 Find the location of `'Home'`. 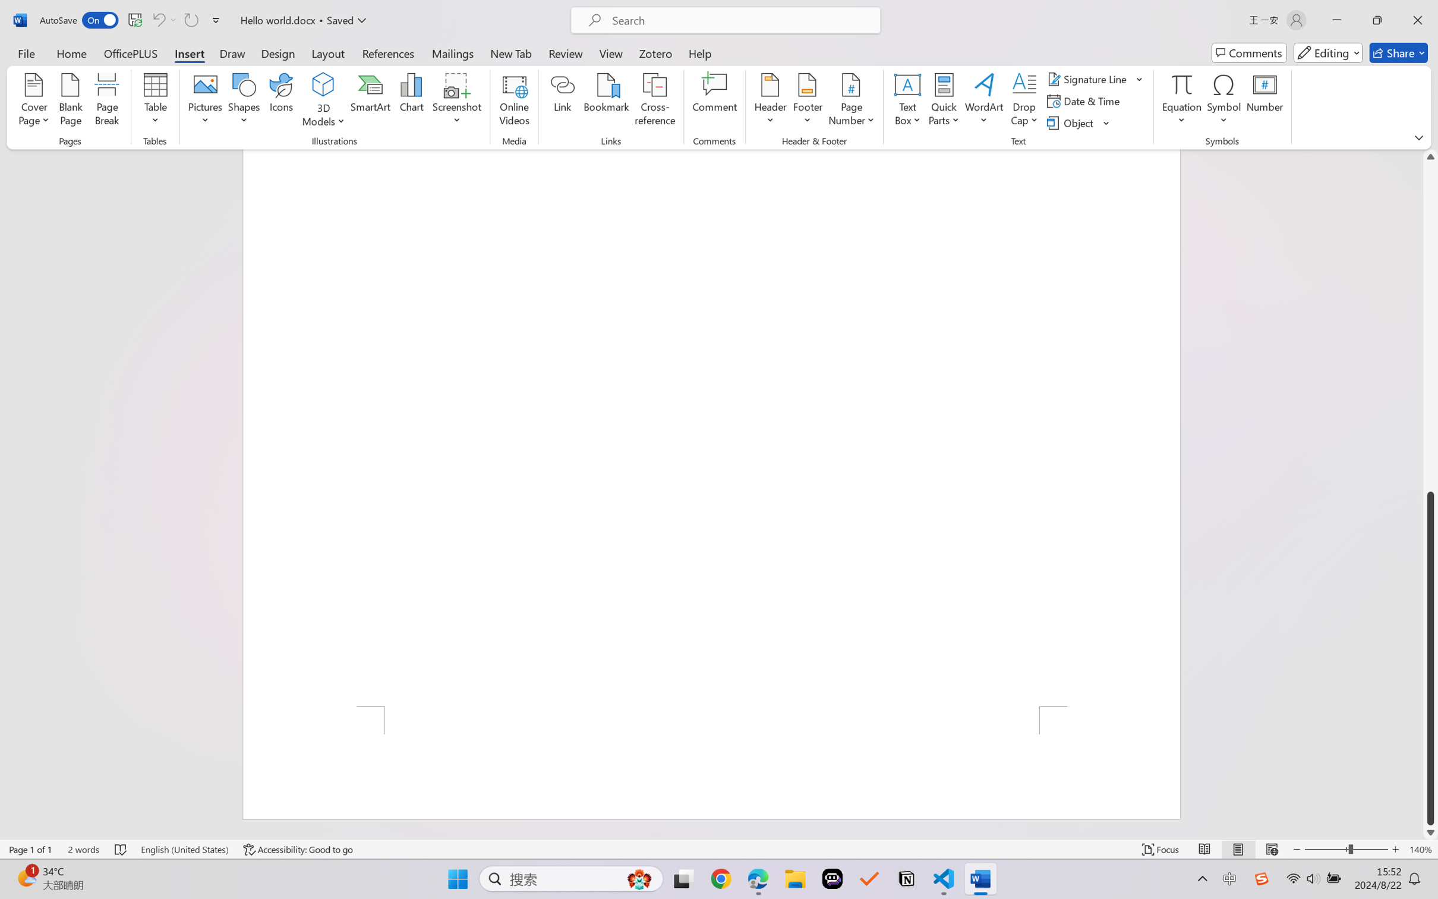

'Home' is located at coordinates (72, 52).